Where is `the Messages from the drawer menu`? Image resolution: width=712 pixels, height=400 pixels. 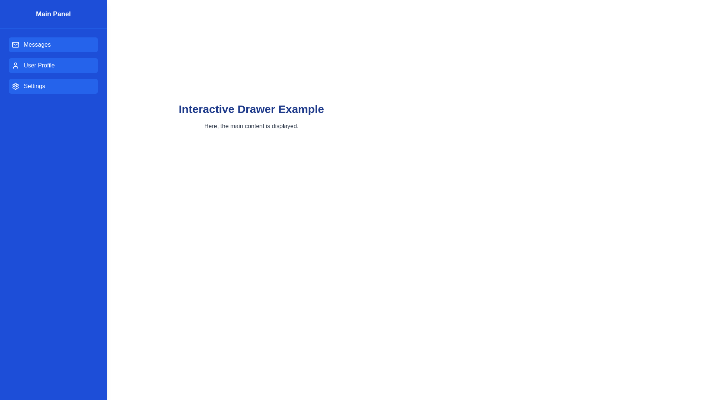
the Messages from the drawer menu is located at coordinates (53, 44).